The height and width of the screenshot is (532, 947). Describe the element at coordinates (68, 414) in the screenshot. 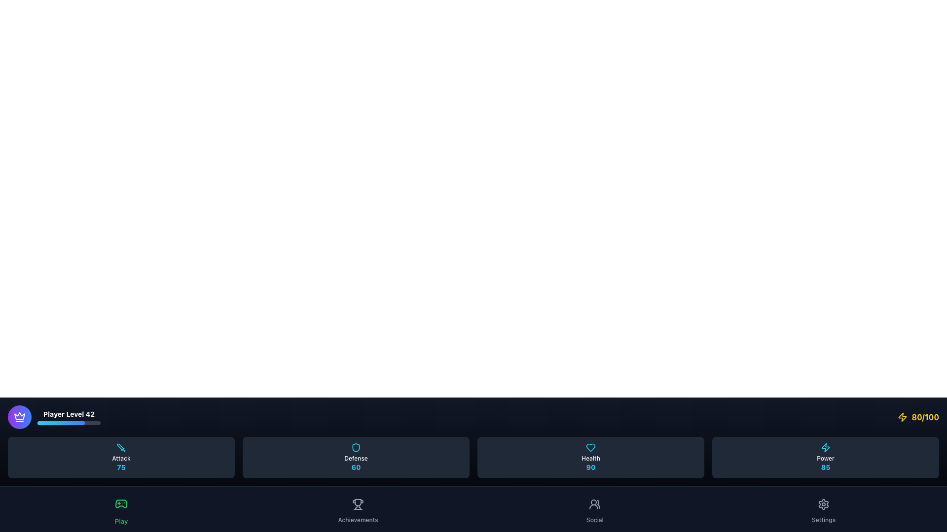

I see `text content of the Text label element displaying 'Player Level 42', which is styled in bold and located on a dark background near the top-left corner of the application interface` at that location.